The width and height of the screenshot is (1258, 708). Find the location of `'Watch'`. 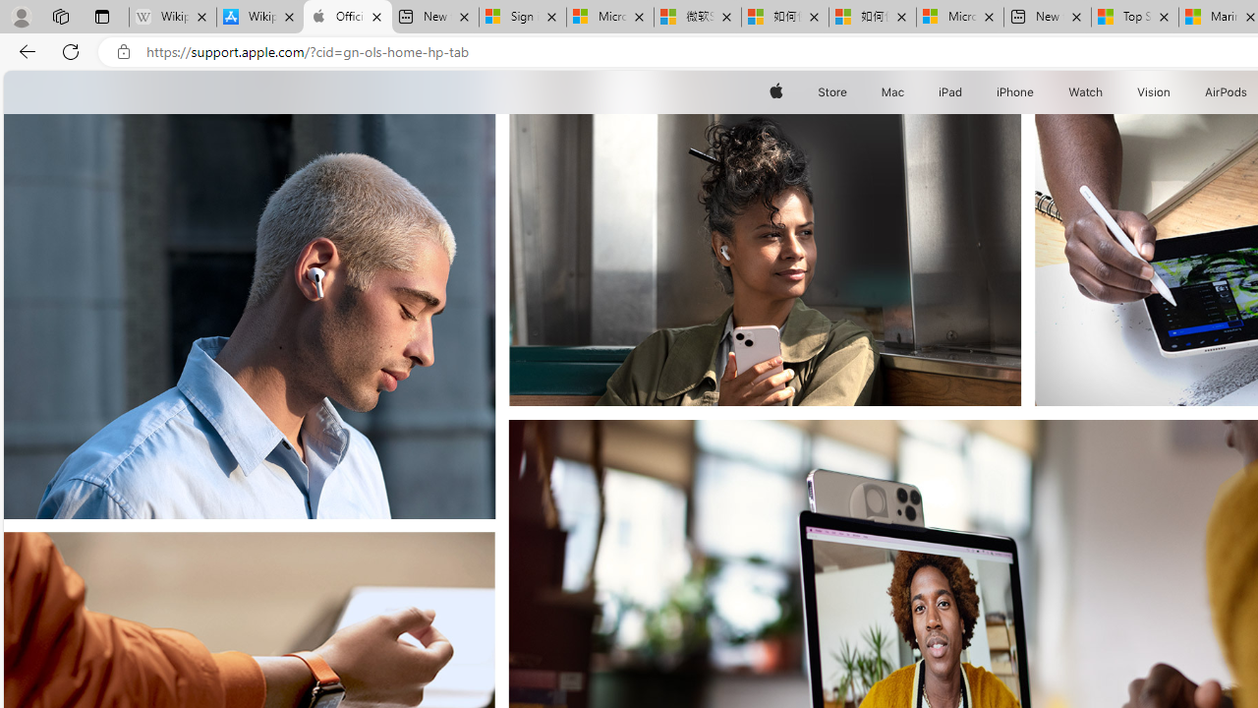

'Watch' is located at coordinates (1085, 91).